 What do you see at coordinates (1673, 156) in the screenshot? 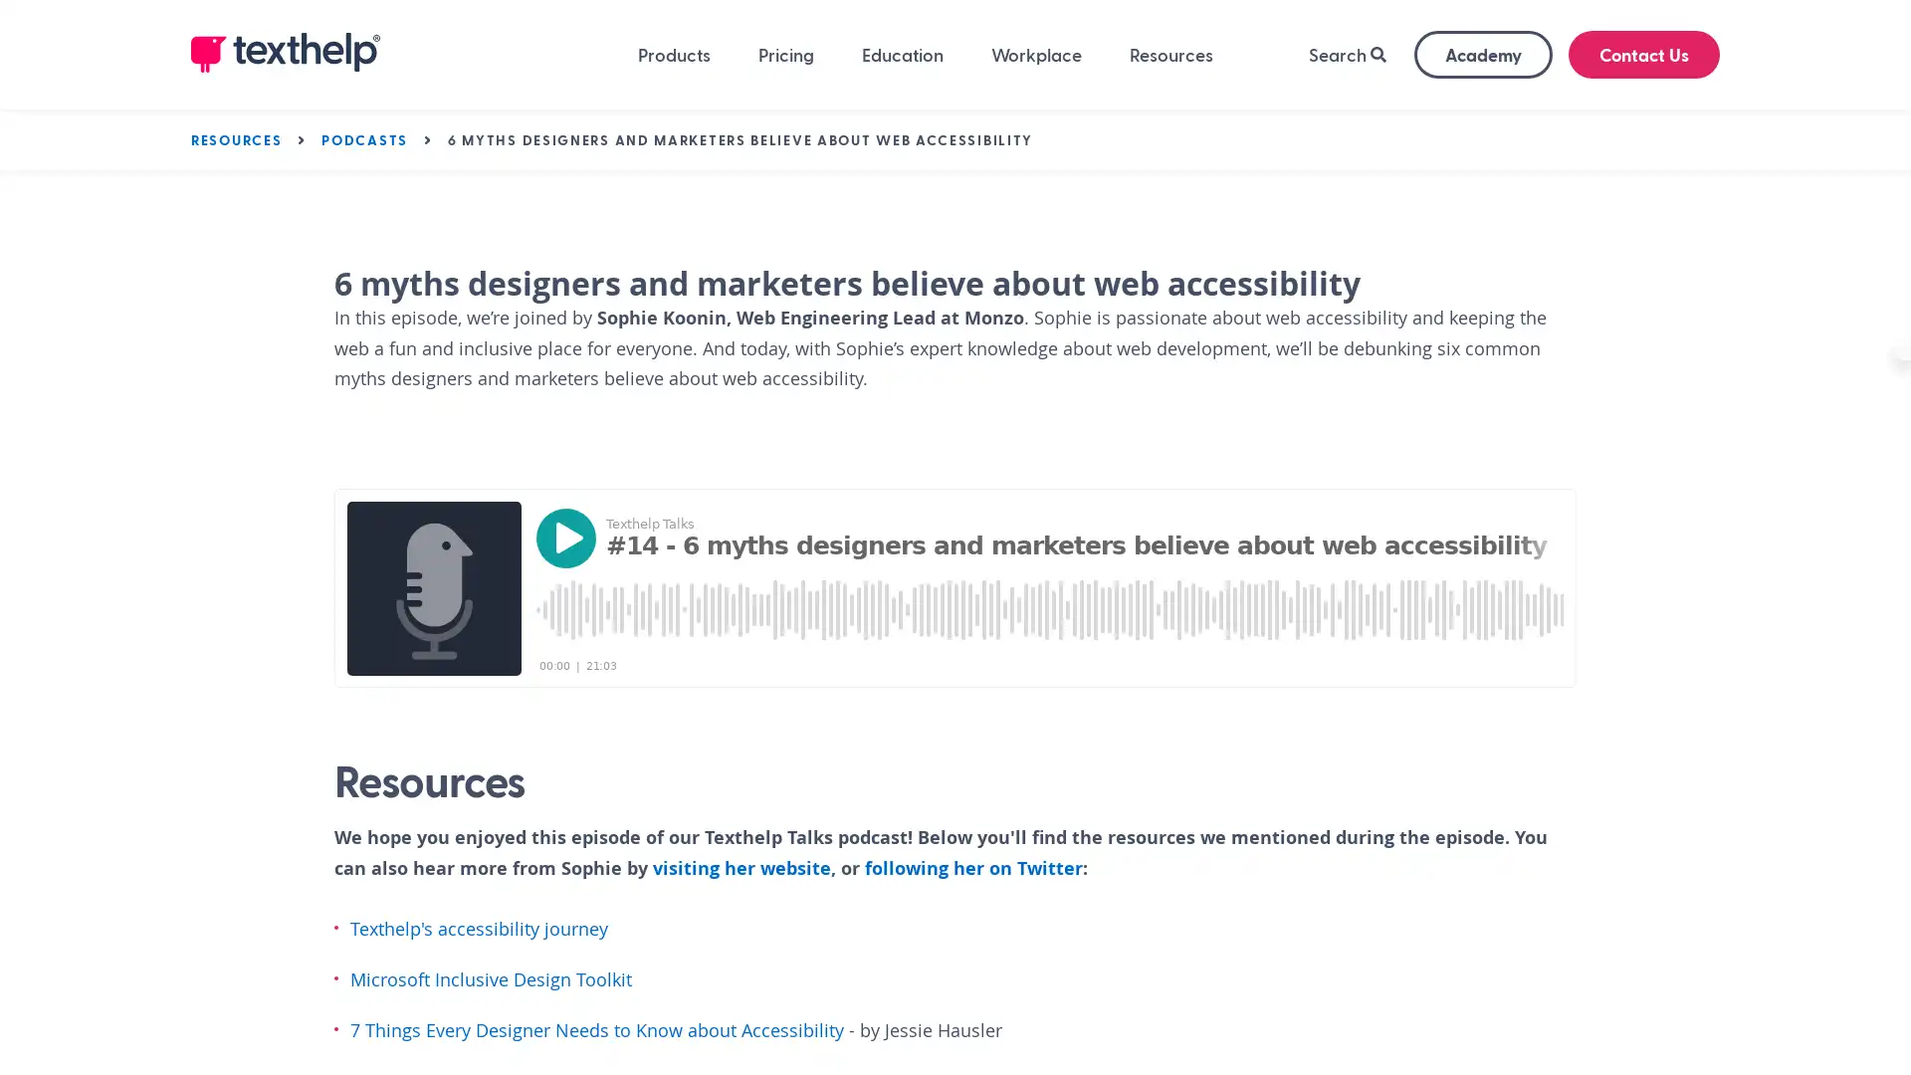
I see `close search` at bounding box center [1673, 156].